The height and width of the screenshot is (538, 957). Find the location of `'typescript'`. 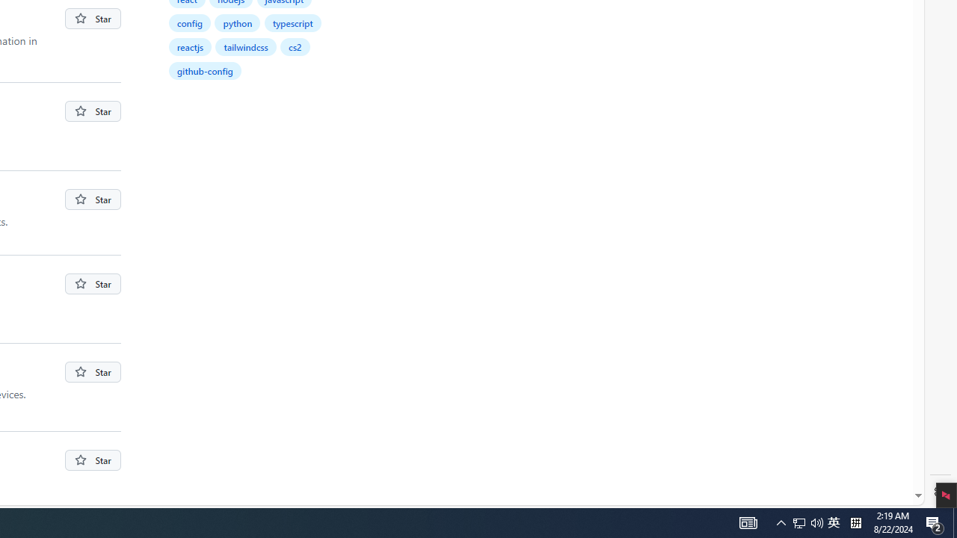

'typescript' is located at coordinates (293, 22).